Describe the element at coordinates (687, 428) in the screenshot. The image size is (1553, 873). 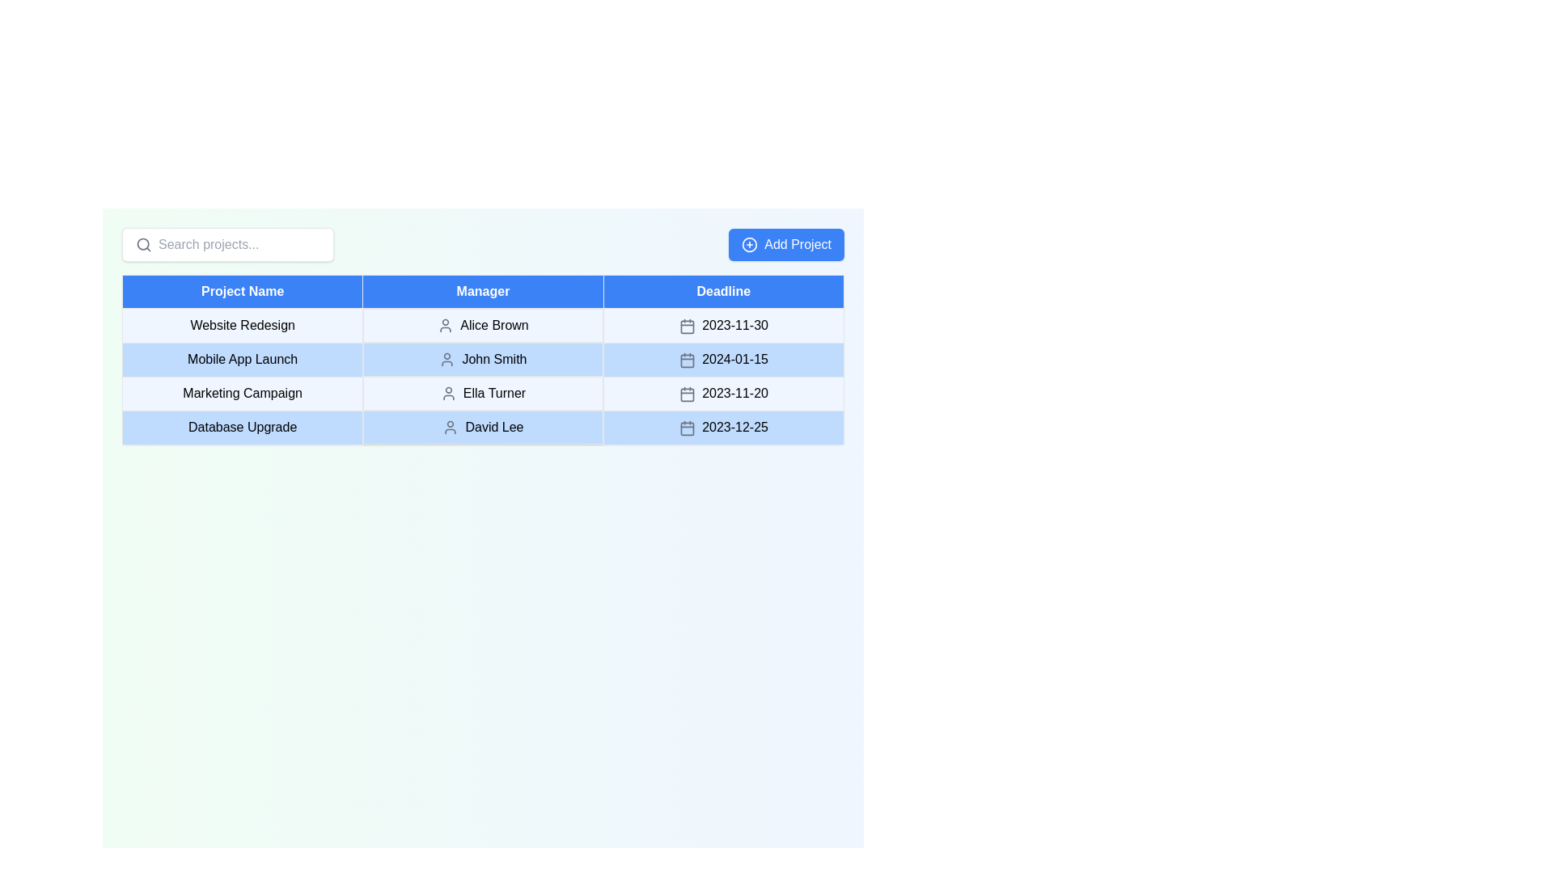
I see `the calendar icon in the 'Deadline' column of the last row, which is styled with a thin outline and rounded edges, located to the left of the date '2023-12-25'` at that location.